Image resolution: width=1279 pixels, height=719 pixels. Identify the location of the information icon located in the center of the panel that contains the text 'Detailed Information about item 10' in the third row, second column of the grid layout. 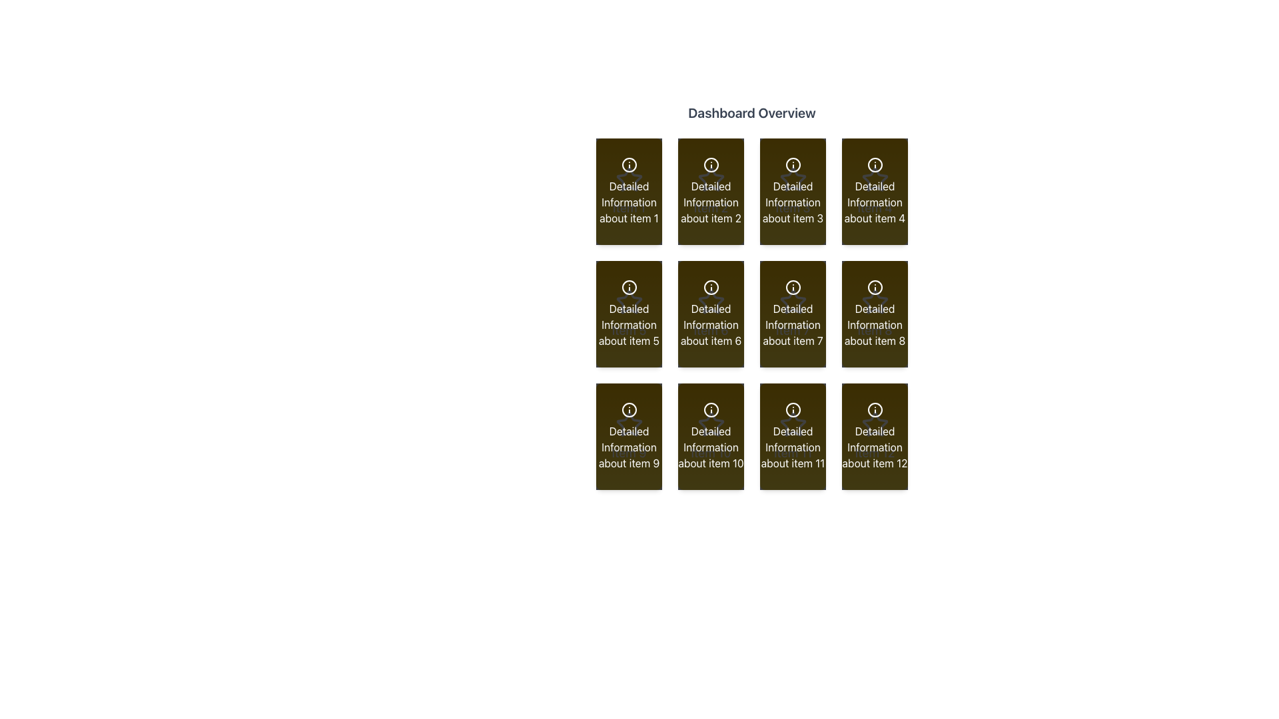
(710, 409).